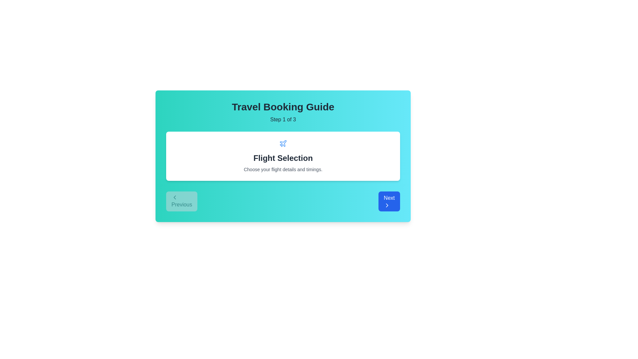 This screenshot has height=359, width=638. I want to click on the directional icon inside the 'Next' button located at the bottom right corner of the interactive card, so click(387, 205).